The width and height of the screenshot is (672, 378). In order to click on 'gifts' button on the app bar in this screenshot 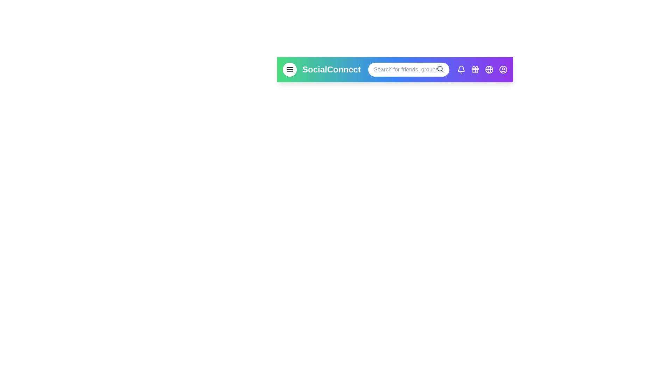, I will do `click(475, 70)`.